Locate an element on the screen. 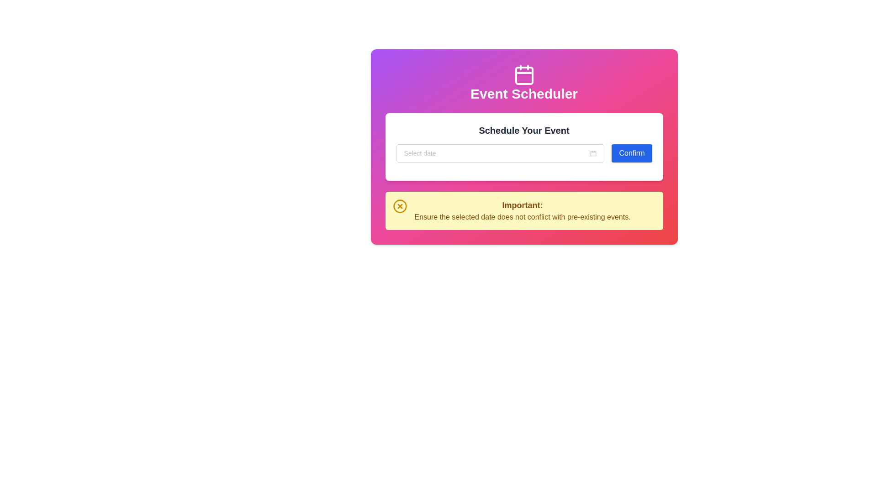 Image resolution: width=877 pixels, height=493 pixels. the yellow notification message box located at the bottom of the main interface, which contains a warning icon and bold 'Important:' text is located at coordinates (524, 211).